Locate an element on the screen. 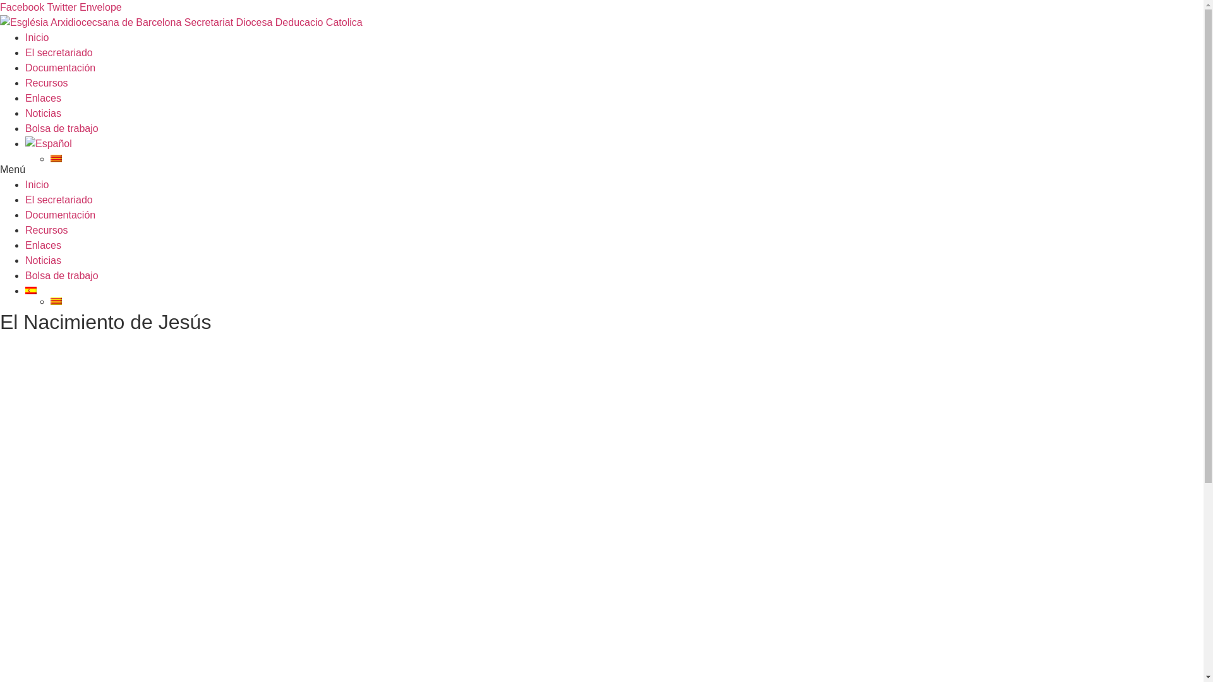  'Envelope' is located at coordinates (78, 7).